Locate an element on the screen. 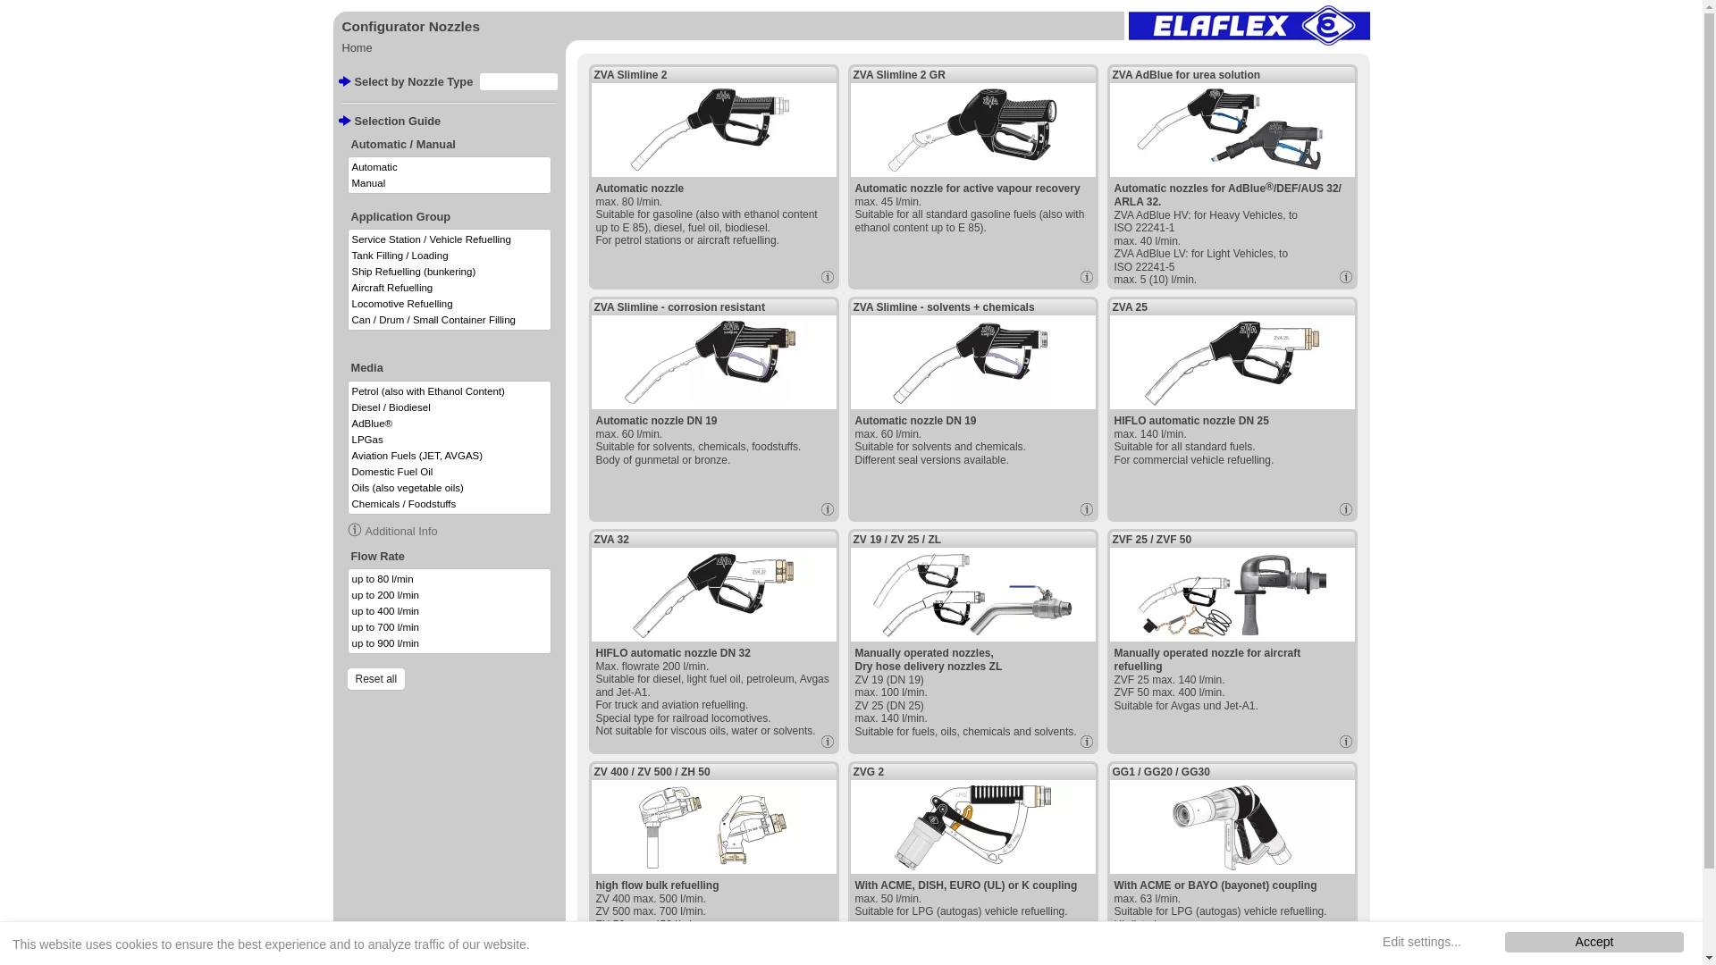  'Can / Drum / Small Container Filling' is located at coordinates (348, 319).